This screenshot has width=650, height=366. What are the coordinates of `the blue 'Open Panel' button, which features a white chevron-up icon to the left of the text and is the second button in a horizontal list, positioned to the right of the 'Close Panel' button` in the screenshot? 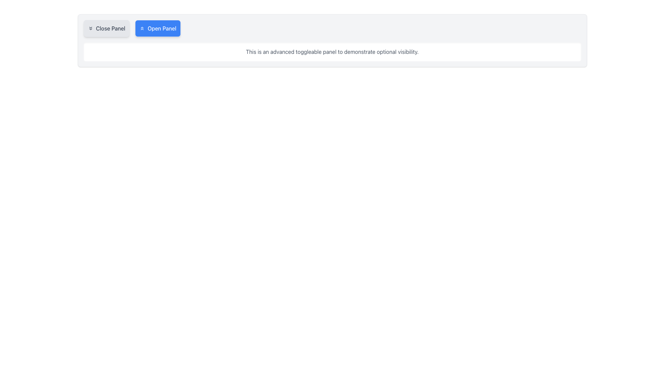 It's located at (157, 28).